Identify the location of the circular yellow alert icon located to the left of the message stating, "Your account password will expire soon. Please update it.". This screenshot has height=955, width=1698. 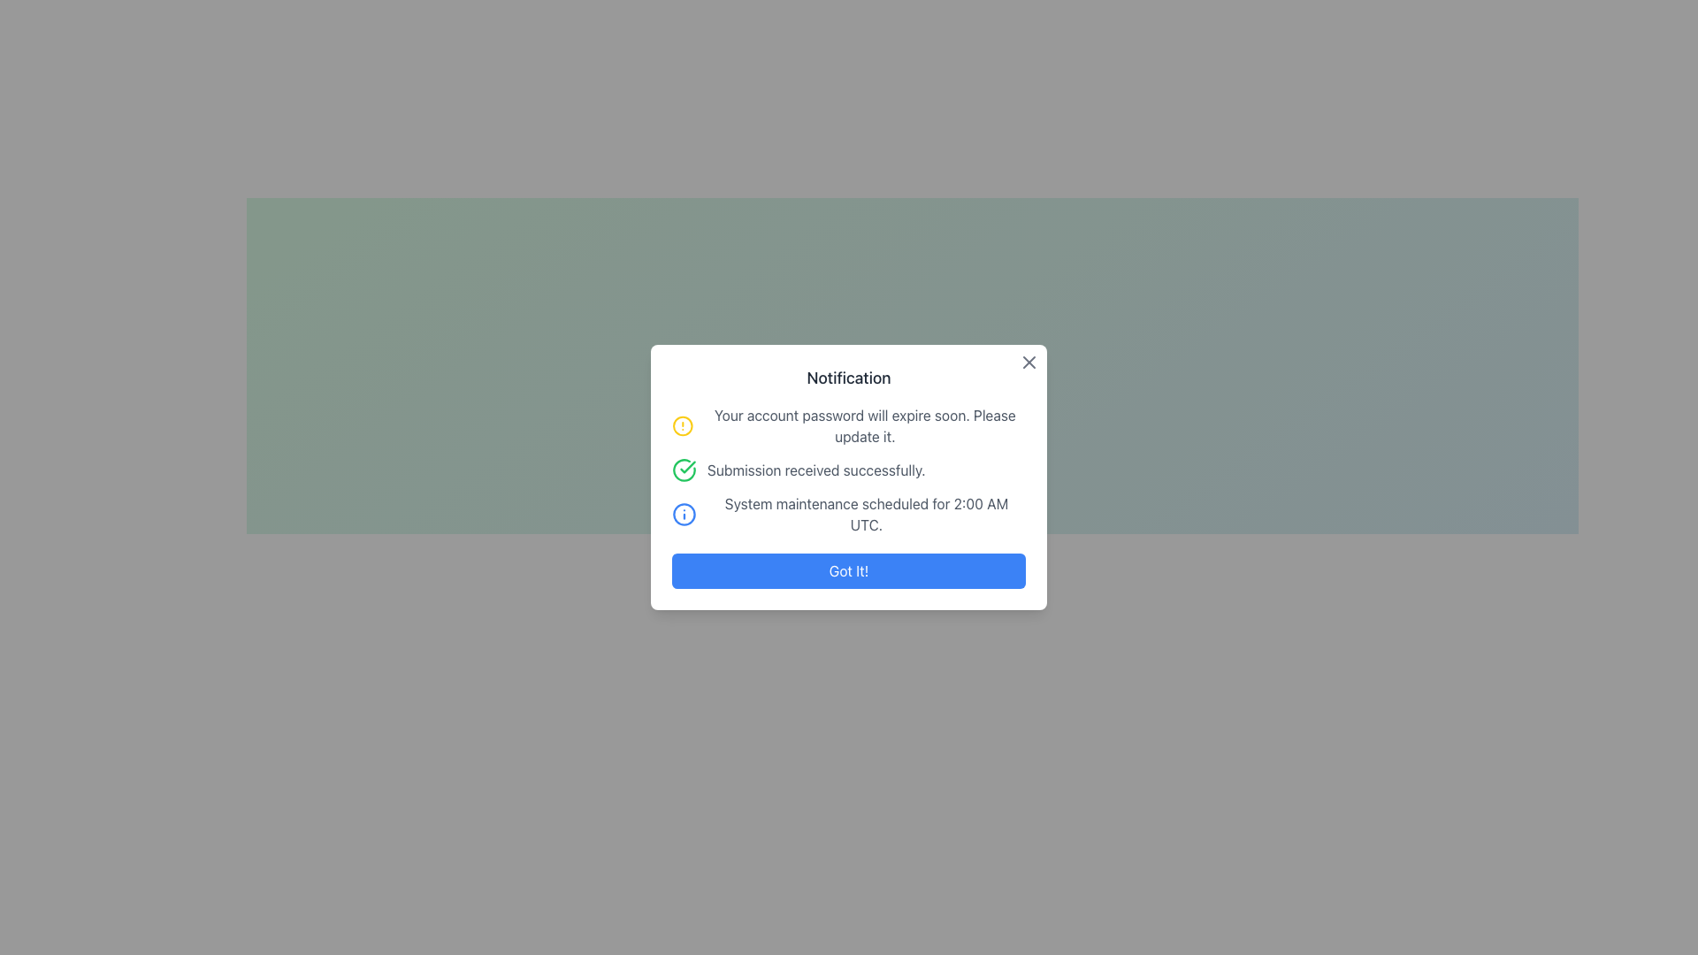
(682, 426).